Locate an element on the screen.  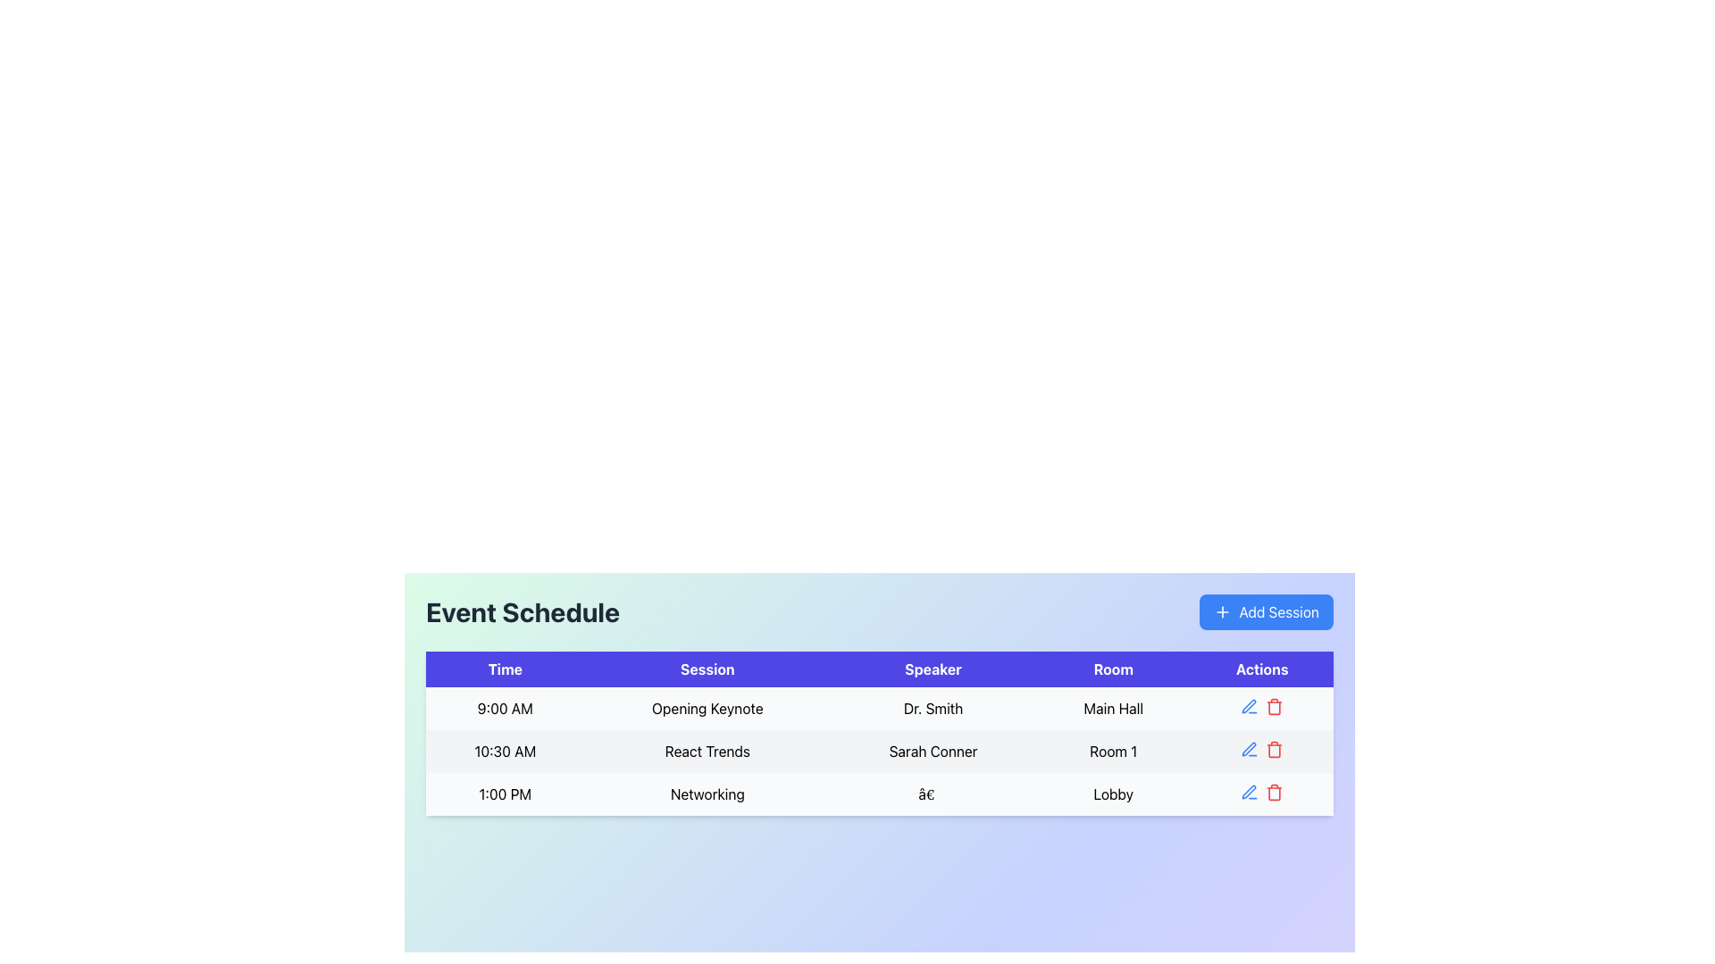
the text label displaying 'Dr. Smith' in the 'Speaker' column of the event schedule table is located at coordinates (933, 708).